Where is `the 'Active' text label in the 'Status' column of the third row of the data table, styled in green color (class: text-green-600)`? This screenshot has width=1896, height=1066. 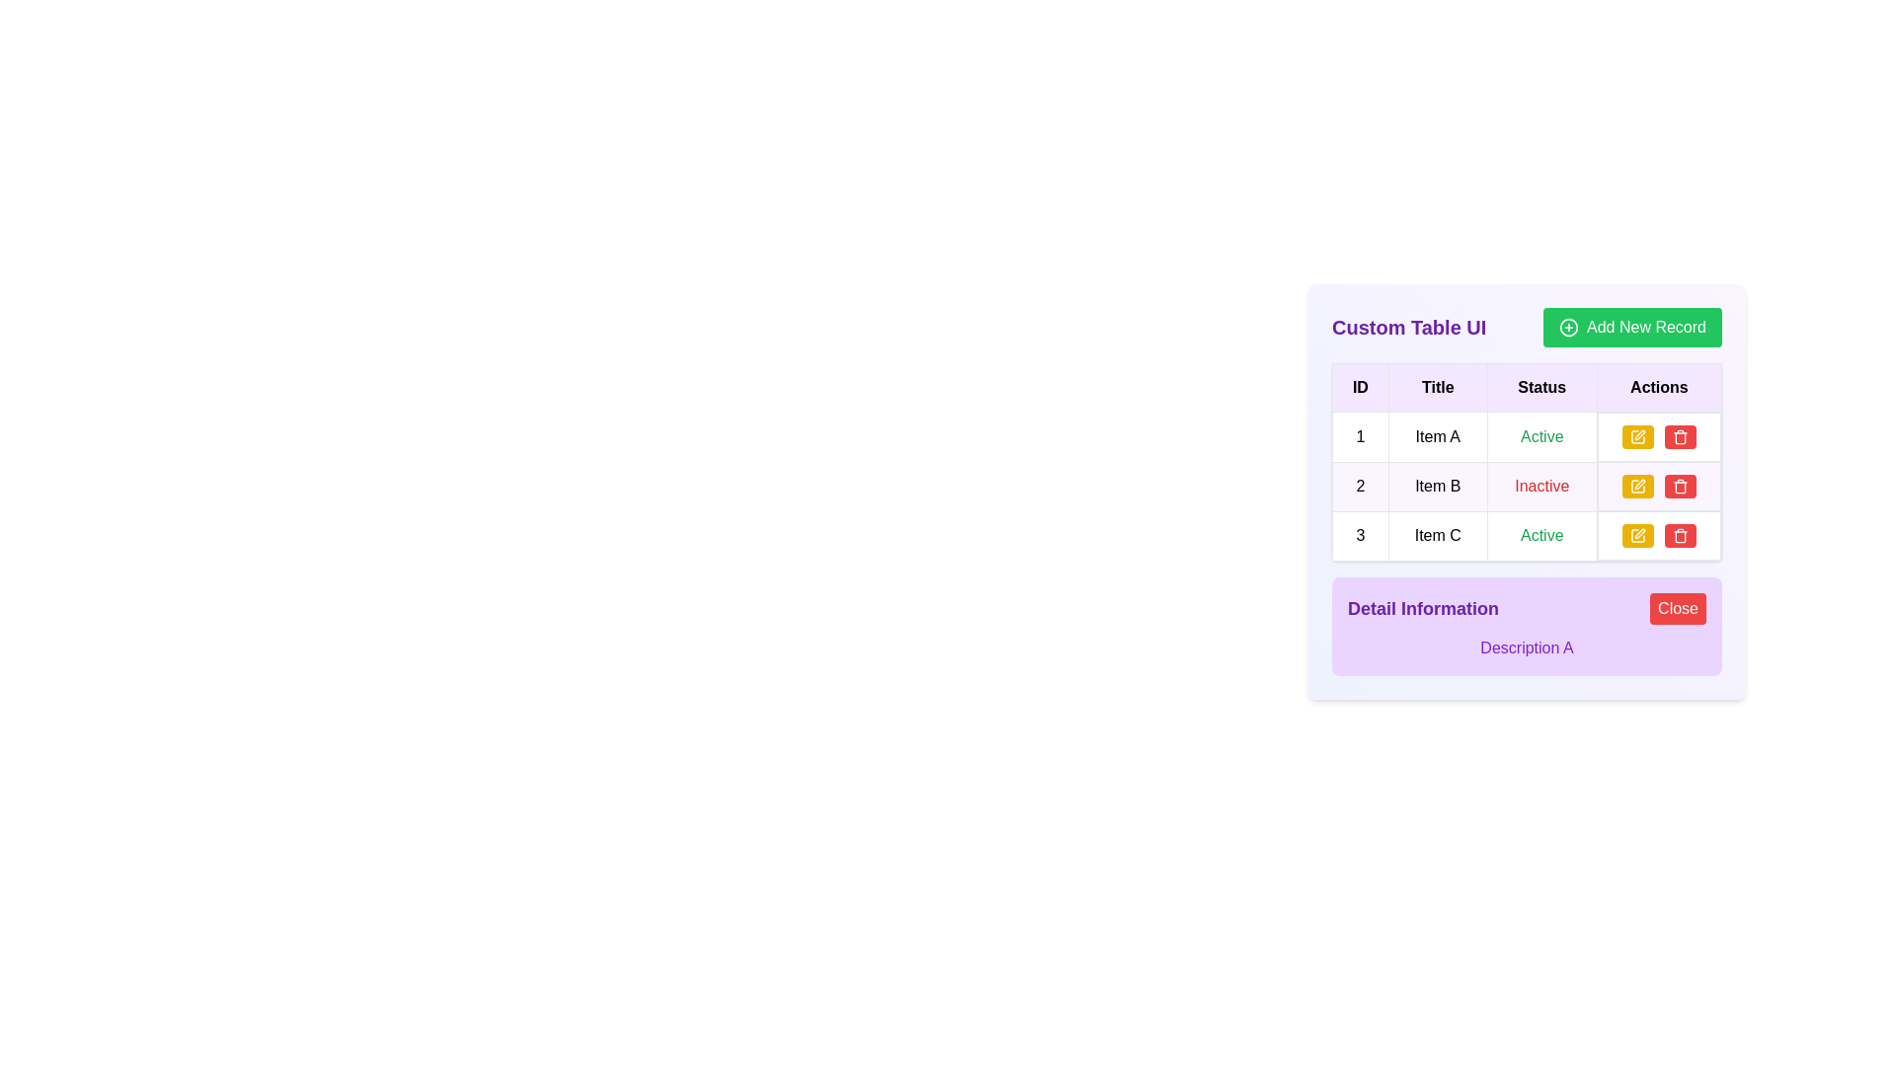
the 'Active' text label in the 'Status' column of the third row of the data table, styled in green color (class: text-green-600) is located at coordinates (1540, 535).